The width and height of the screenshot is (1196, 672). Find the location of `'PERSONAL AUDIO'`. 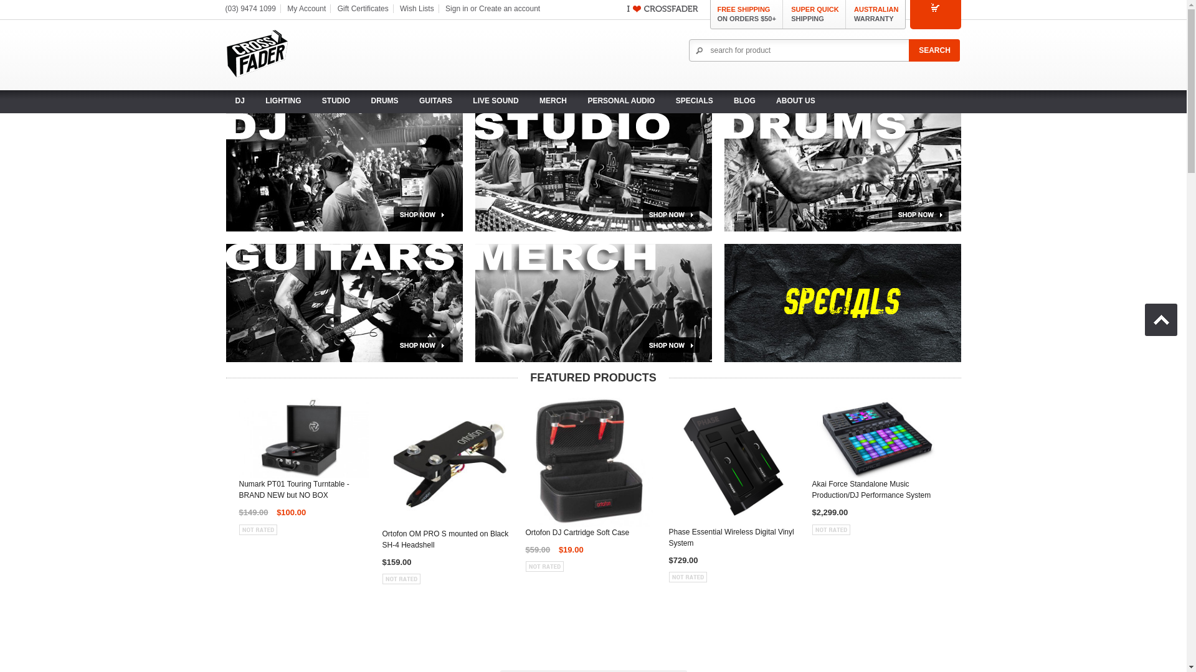

'PERSONAL AUDIO' is located at coordinates (621, 100).